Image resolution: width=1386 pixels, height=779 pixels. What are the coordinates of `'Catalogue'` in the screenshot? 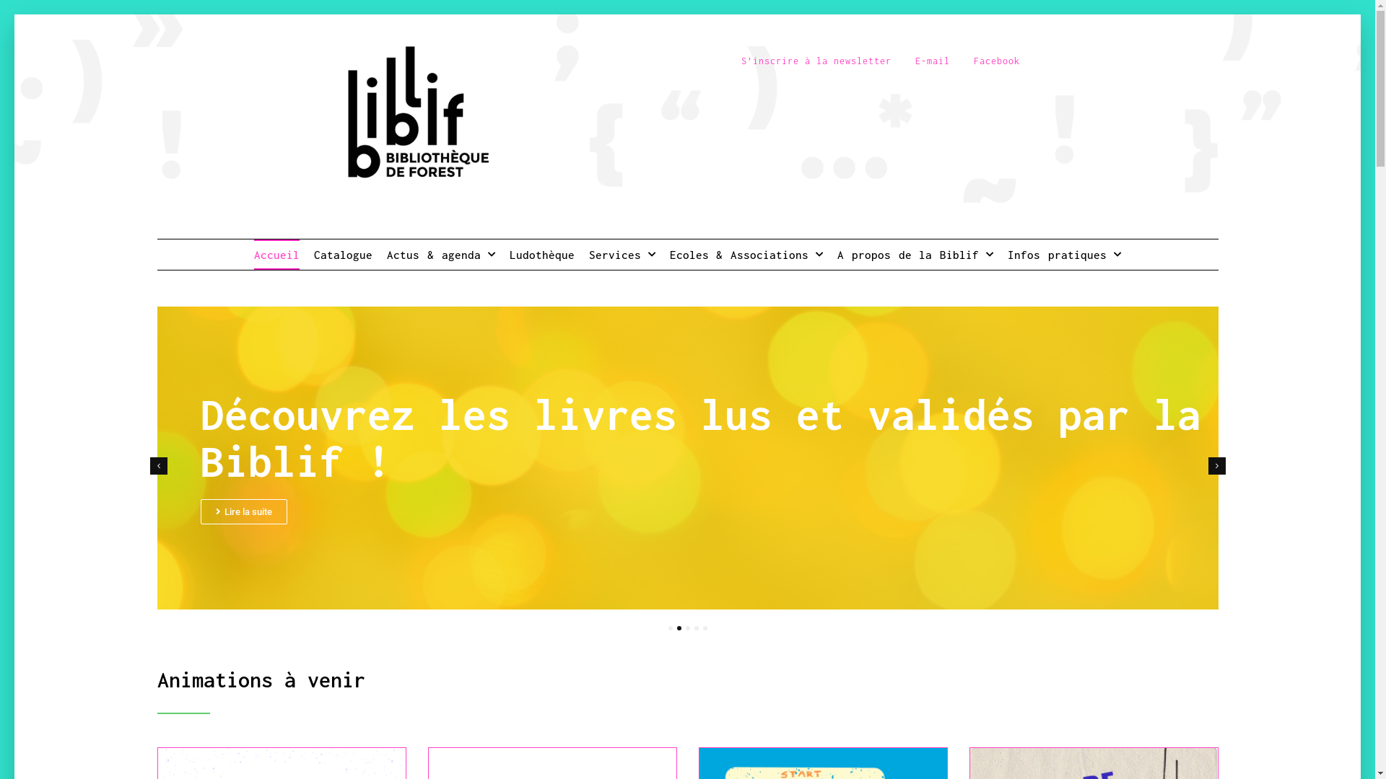 It's located at (342, 254).